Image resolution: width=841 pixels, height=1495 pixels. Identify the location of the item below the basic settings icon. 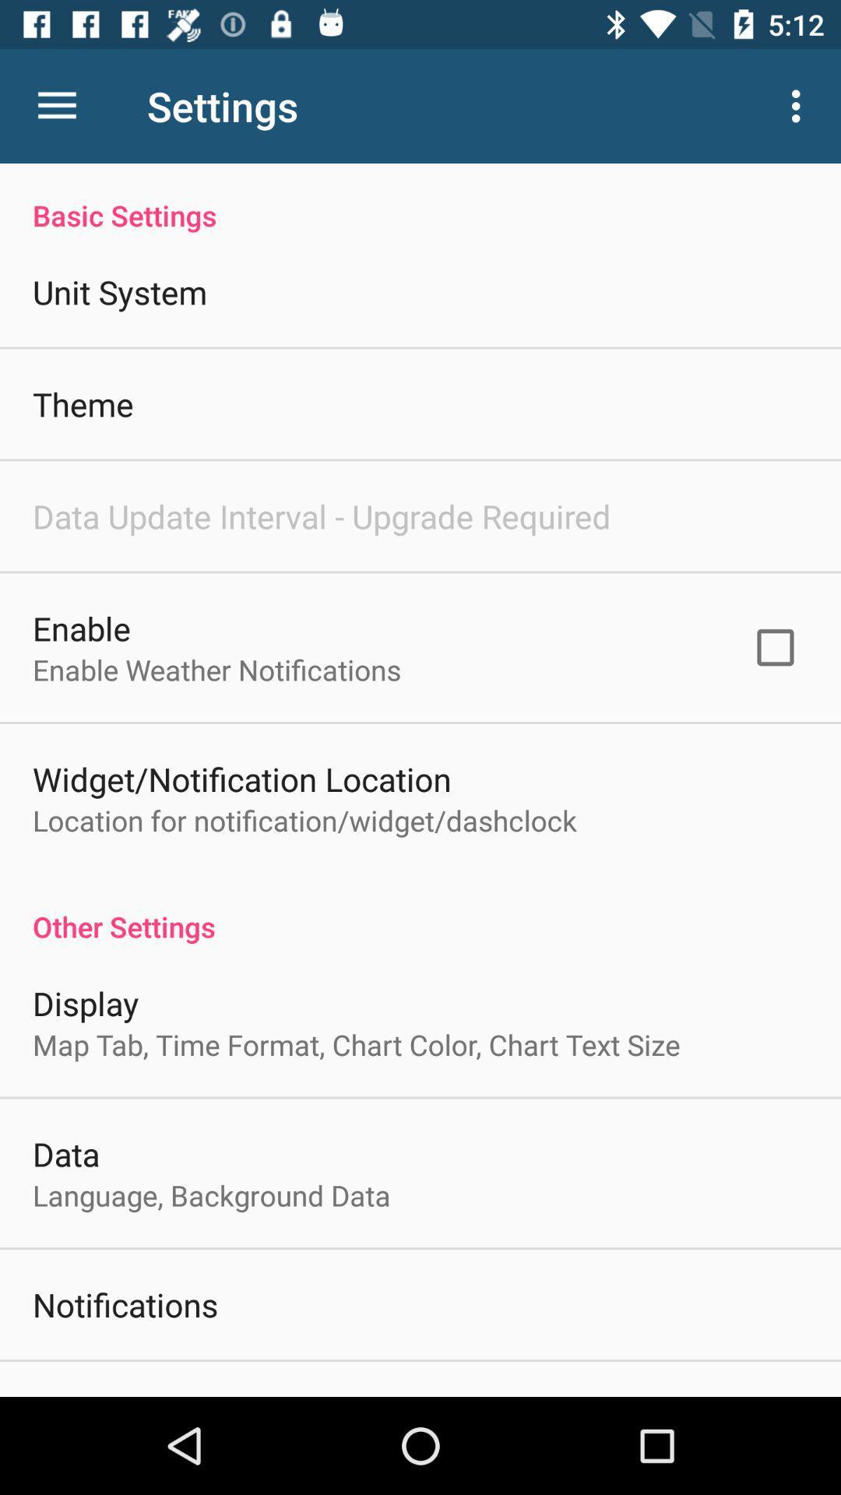
(775, 647).